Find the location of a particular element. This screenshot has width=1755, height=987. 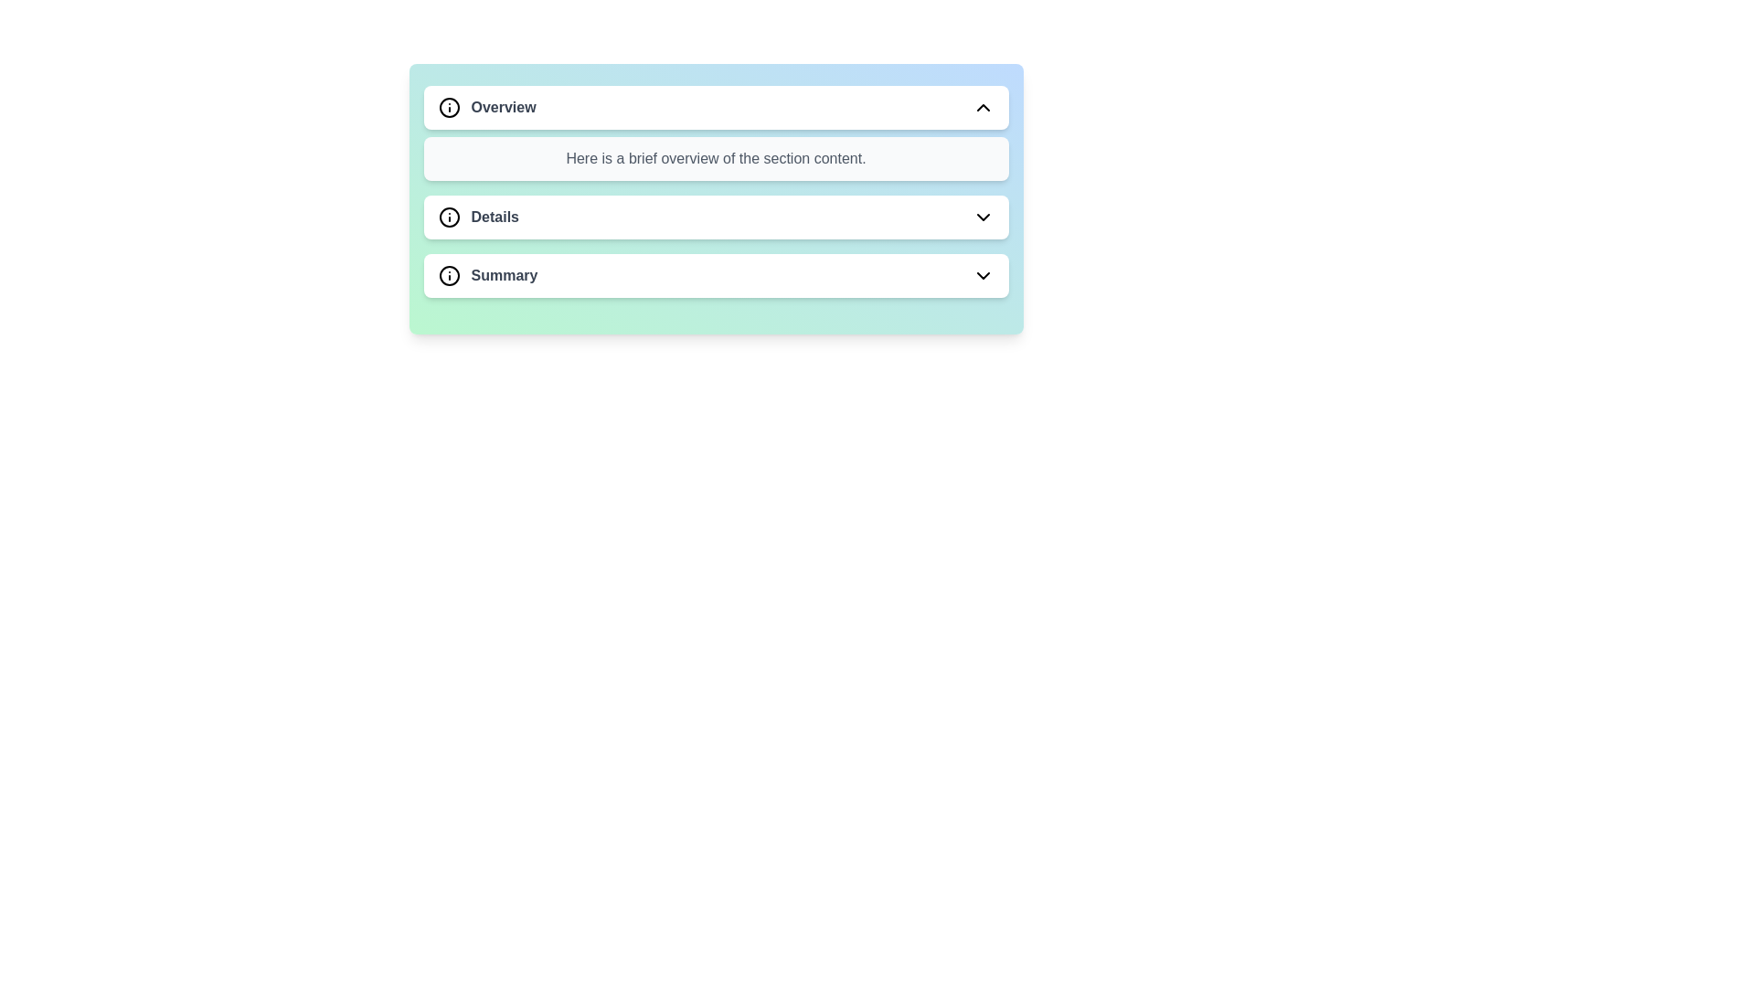

graphical properties of the SVG circle element, which has a black outline and white fill, located within the 'Summary' section's icon is located at coordinates (449, 275).